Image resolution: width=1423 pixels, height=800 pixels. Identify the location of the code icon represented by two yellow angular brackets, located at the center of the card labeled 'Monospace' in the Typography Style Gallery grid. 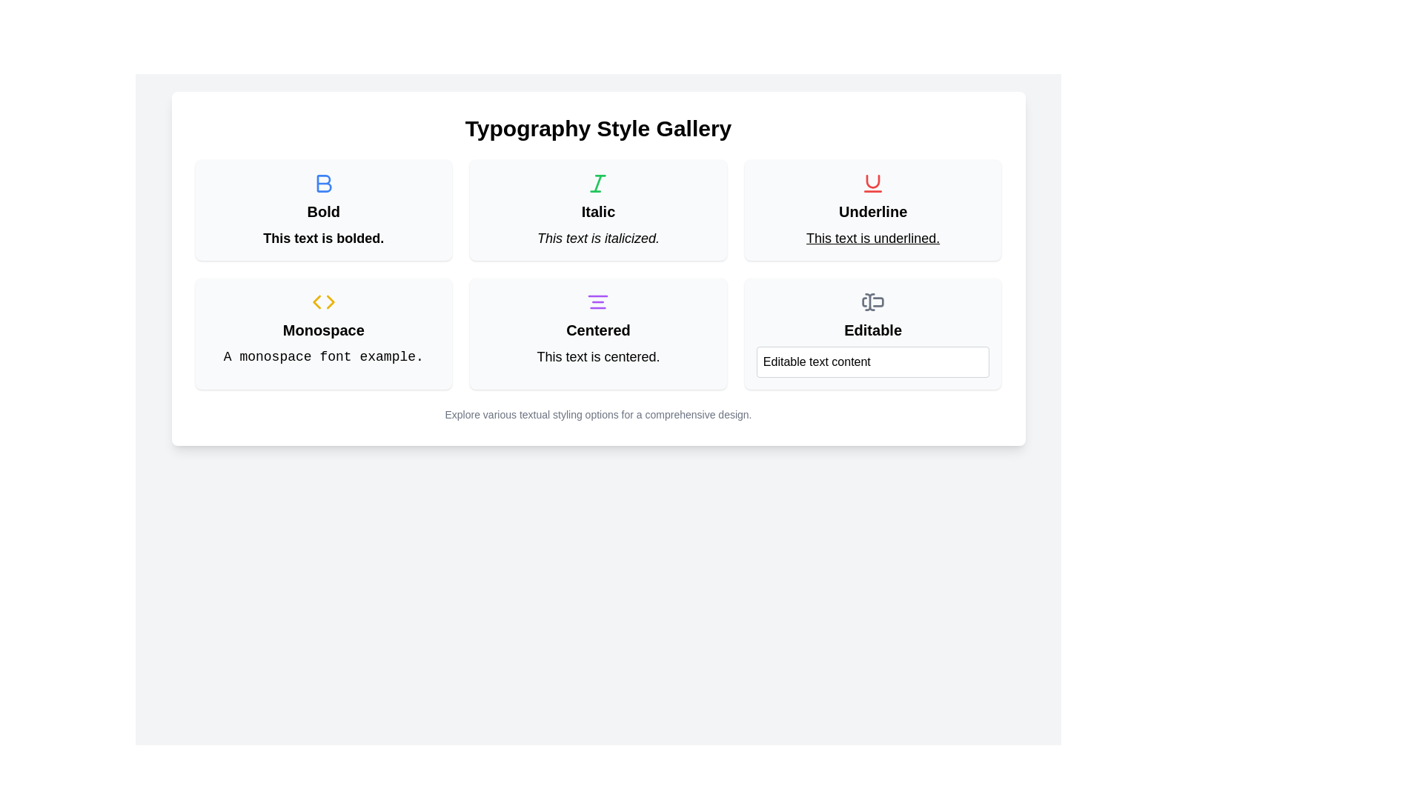
(322, 301).